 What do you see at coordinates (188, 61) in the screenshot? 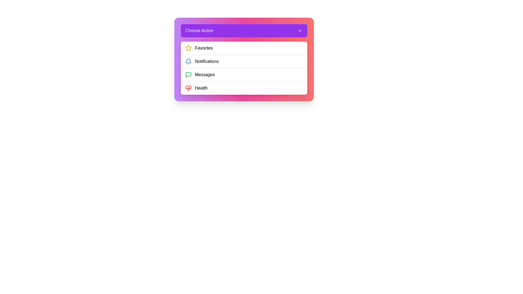
I see `the blue bell-shaped icon indicating notifications, which is positioned directly to the left of the 'Notifications' text in the dropdown menu` at bounding box center [188, 61].